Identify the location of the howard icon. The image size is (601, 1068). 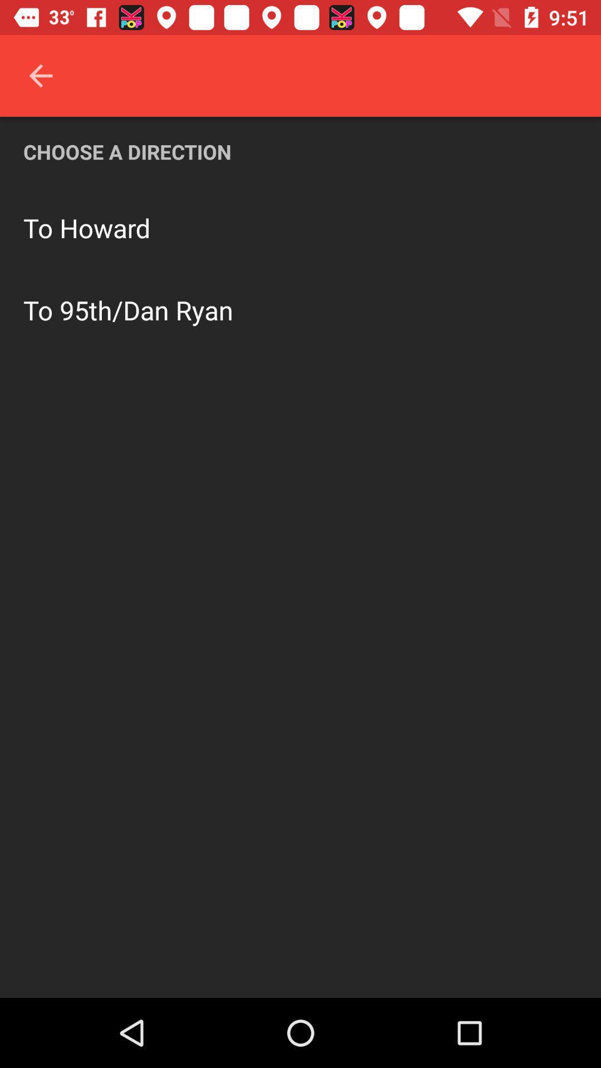
(105, 227).